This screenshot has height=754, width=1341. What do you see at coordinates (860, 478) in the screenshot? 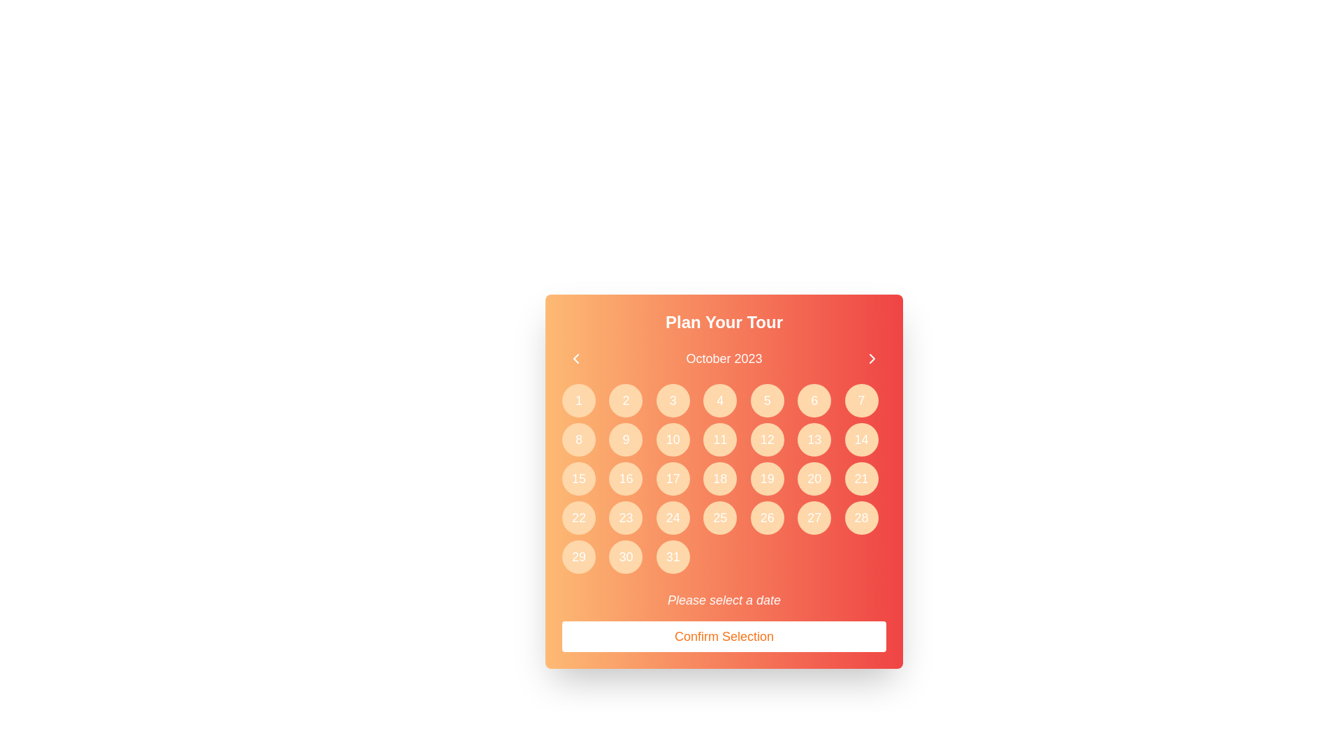
I see `the circular button with a light orange background and a white number '21' centered within it` at bounding box center [860, 478].